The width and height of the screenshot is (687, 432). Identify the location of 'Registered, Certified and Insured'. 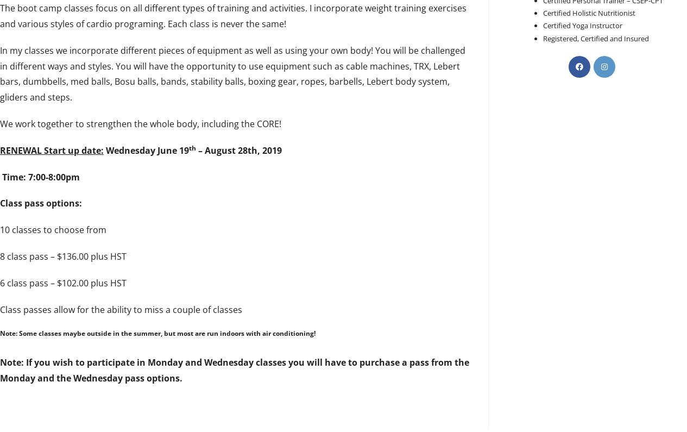
(543, 38).